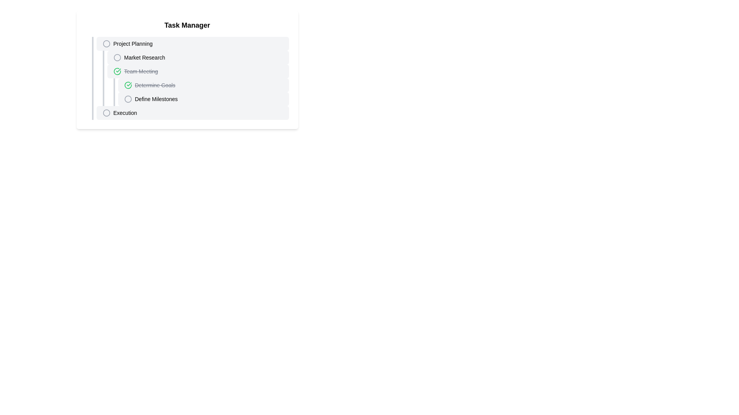  Describe the element at coordinates (128, 85) in the screenshot. I see `the Circle Checkmark icon located in the sidebar panel labeled 'Determine Goals', which indicates the completion of the task` at that location.